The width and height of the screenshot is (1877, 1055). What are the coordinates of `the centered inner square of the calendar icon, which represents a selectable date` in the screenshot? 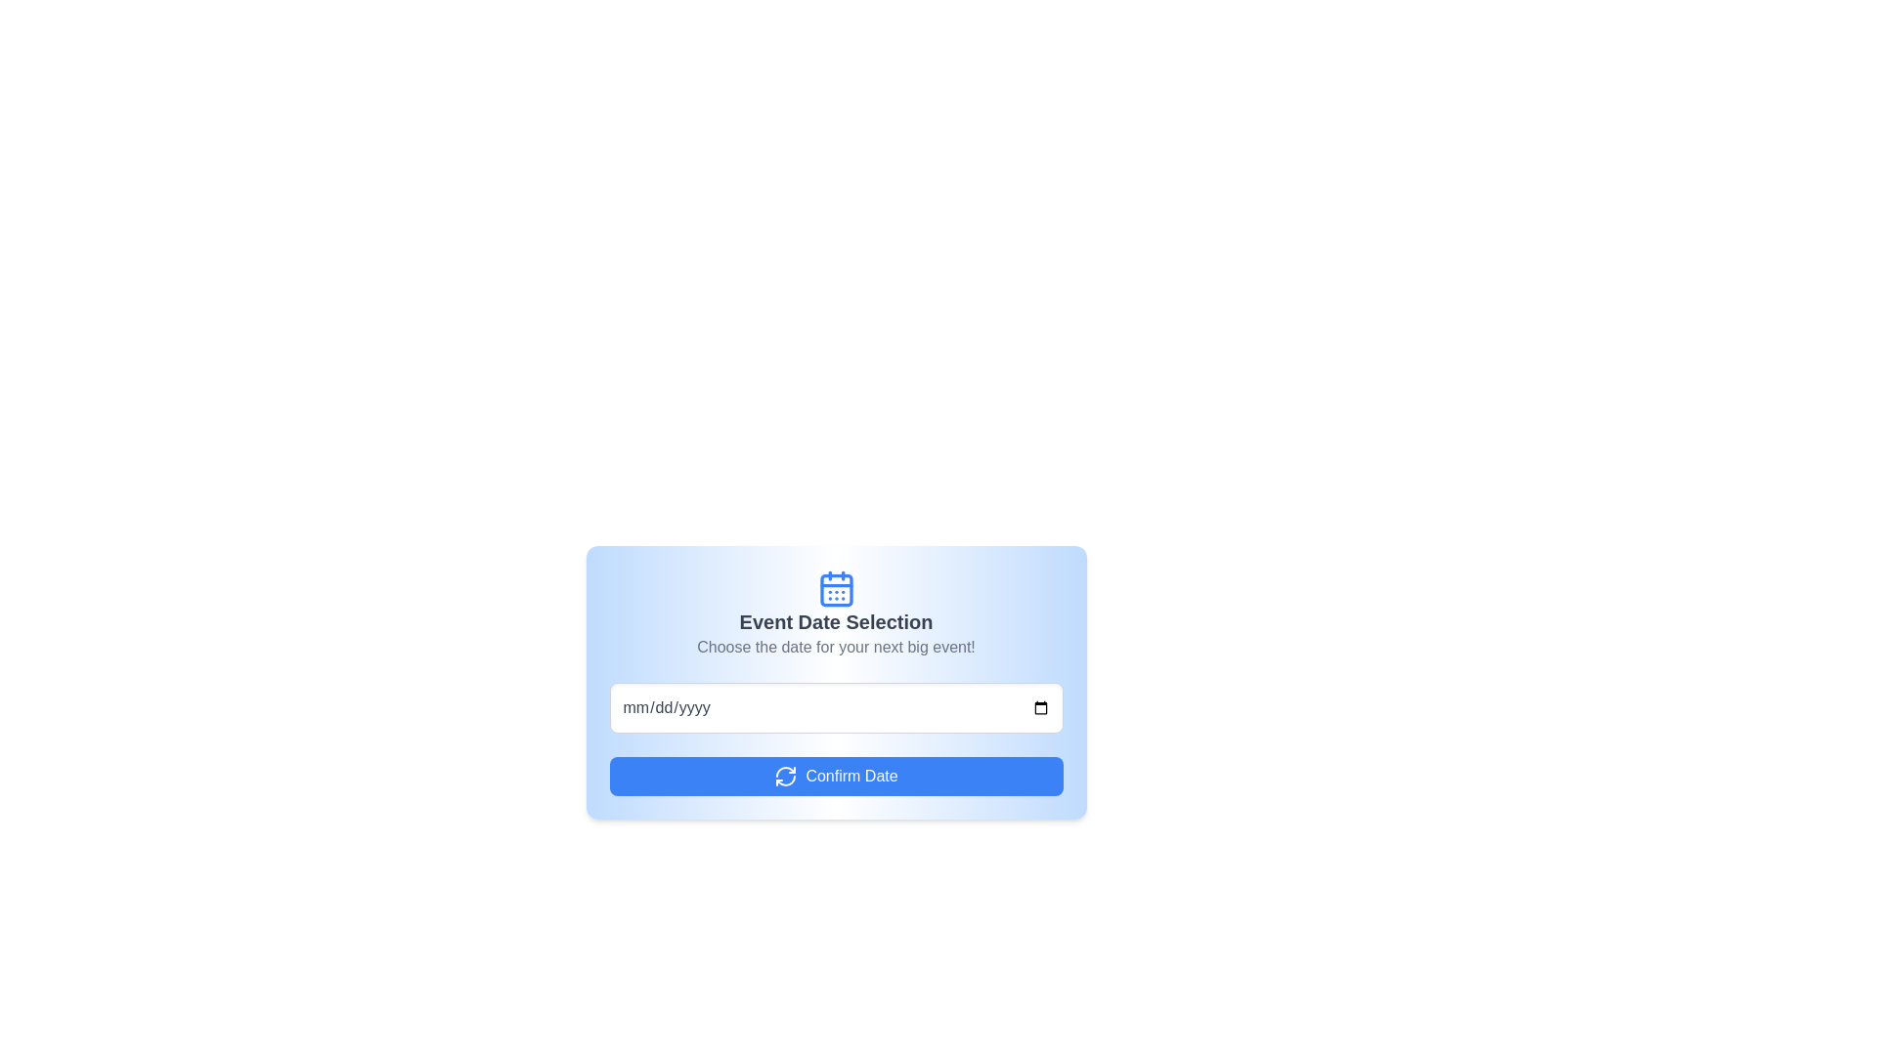 It's located at (836, 589).